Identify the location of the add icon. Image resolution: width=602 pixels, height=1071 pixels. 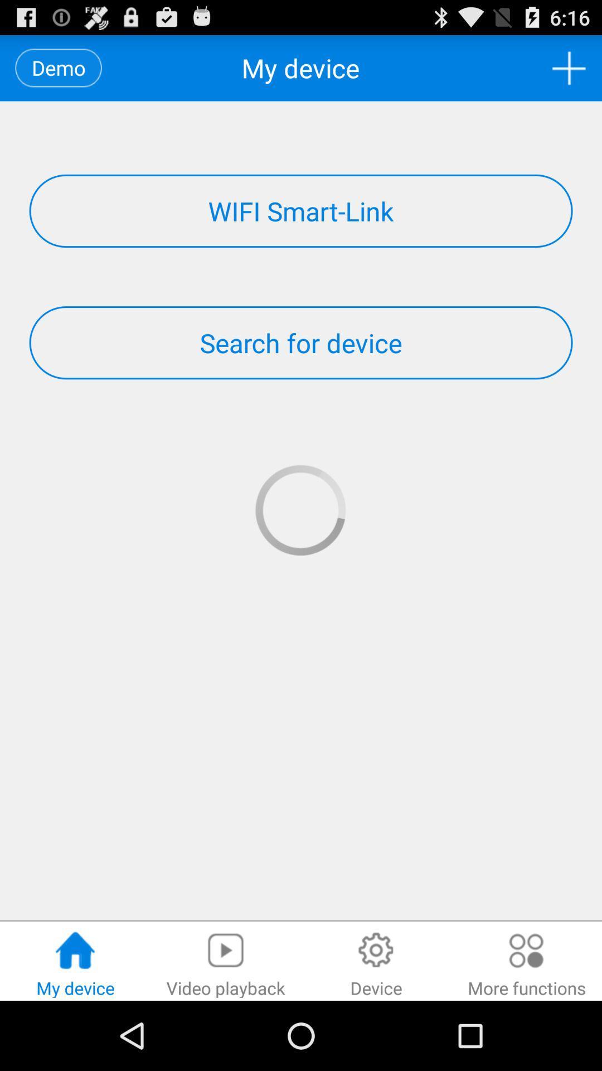
(569, 72).